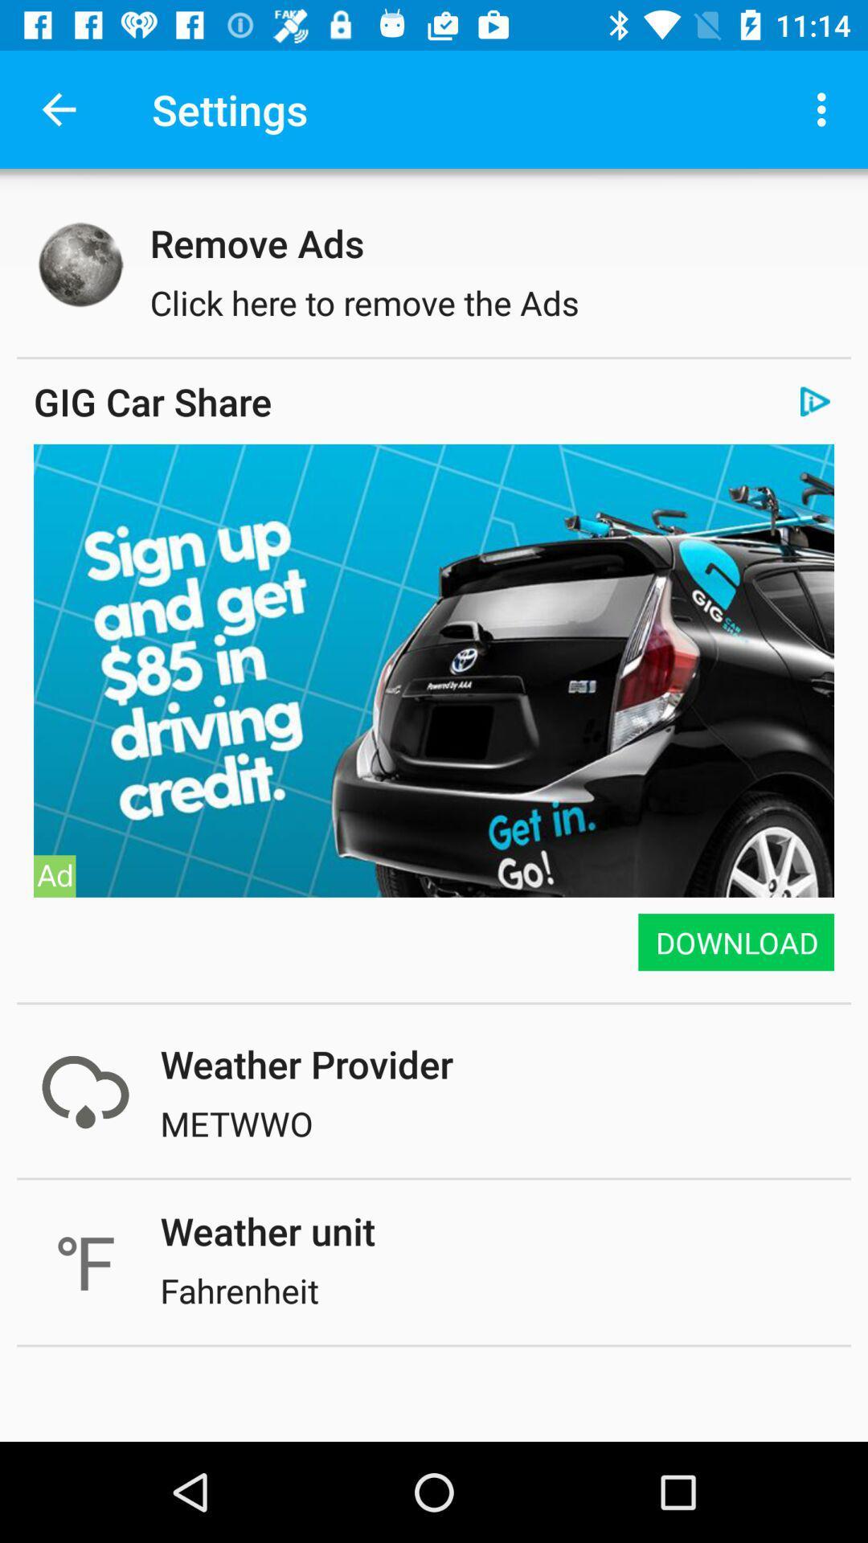 The height and width of the screenshot is (1543, 868). What do you see at coordinates (54, 875) in the screenshot?
I see `the item on the left` at bounding box center [54, 875].